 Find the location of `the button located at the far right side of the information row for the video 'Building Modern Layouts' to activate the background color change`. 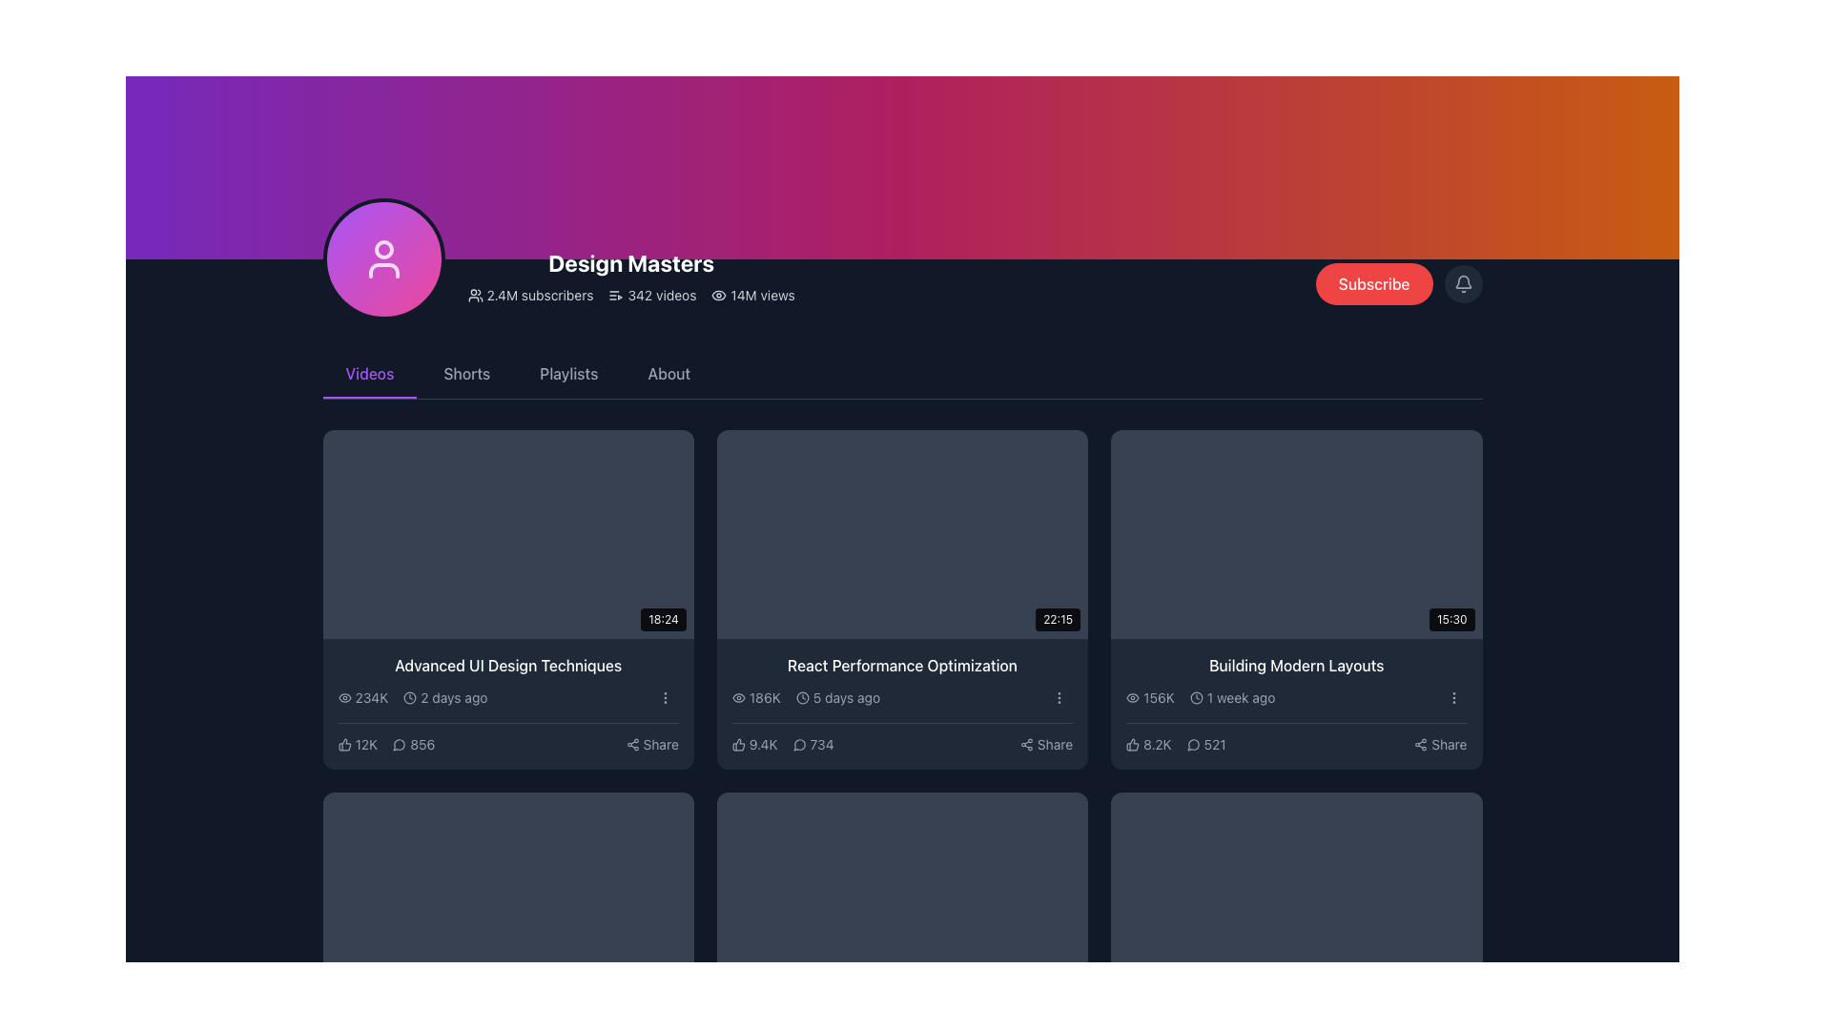

the button located at the far right side of the information row for the video 'Building Modern Layouts' to activate the background color change is located at coordinates (1452, 698).